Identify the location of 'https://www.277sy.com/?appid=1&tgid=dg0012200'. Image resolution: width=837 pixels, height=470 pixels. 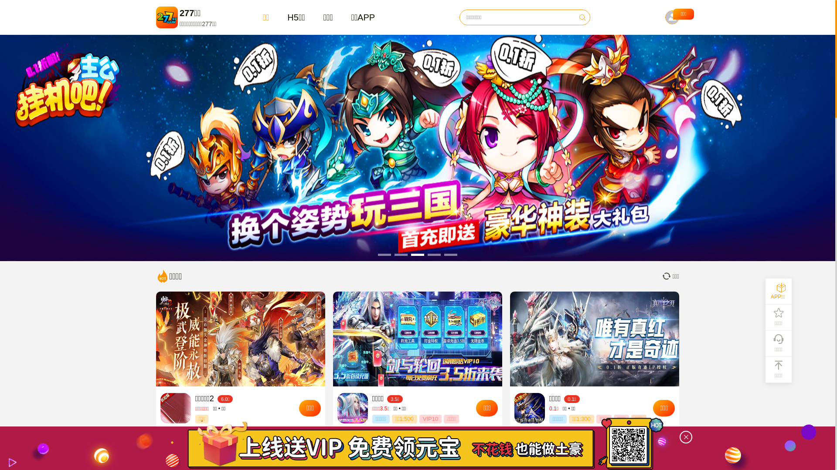
(611, 445).